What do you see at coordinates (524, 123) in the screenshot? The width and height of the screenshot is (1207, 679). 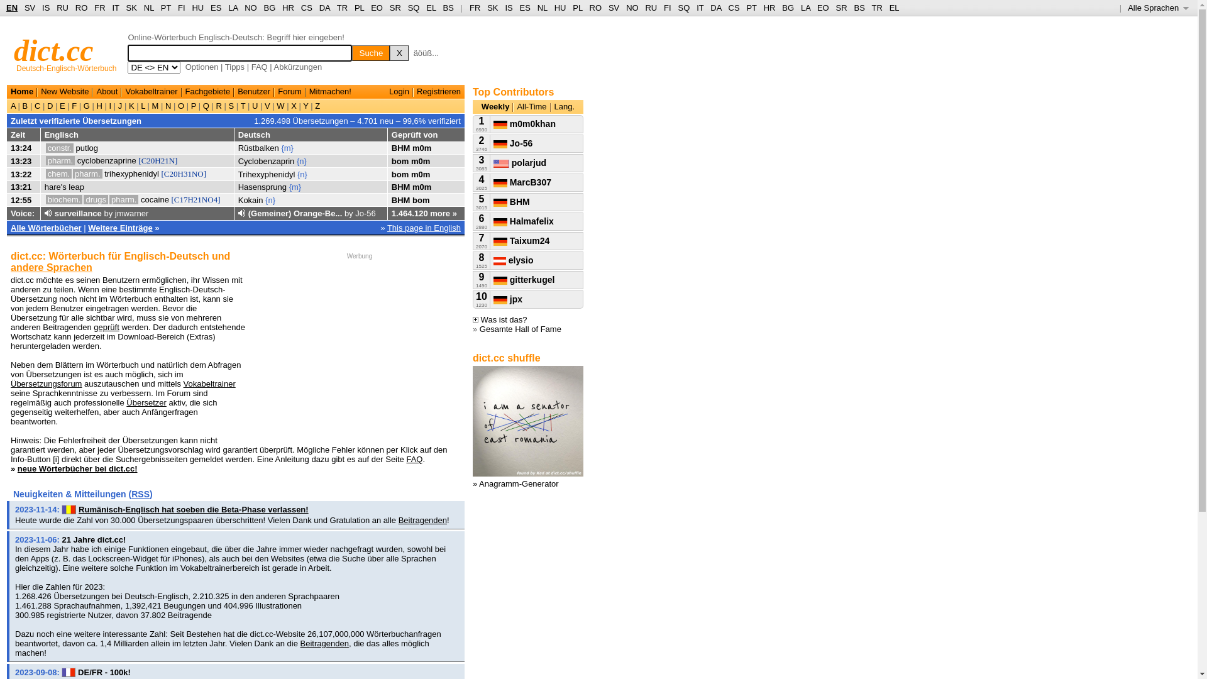 I see `'m0m0khan'` at bounding box center [524, 123].